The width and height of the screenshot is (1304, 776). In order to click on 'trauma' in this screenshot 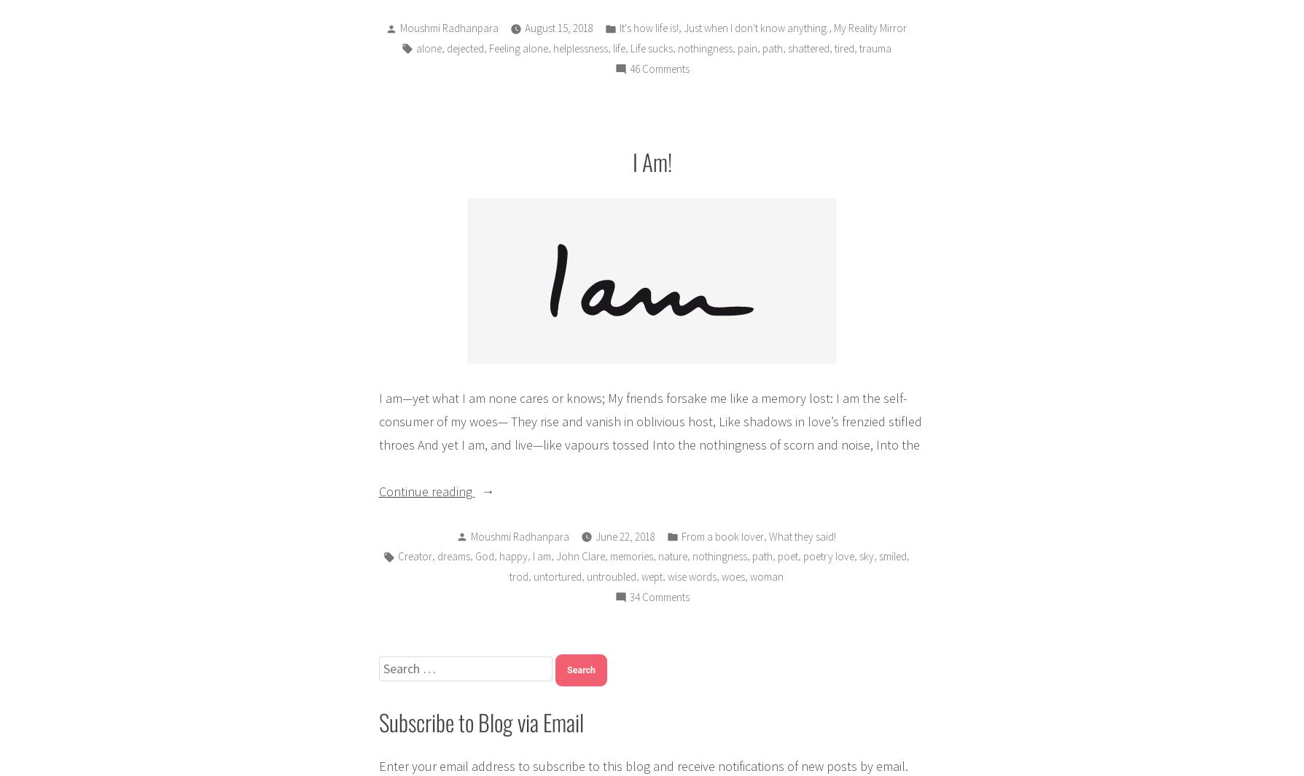, I will do `click(858, 47)`.